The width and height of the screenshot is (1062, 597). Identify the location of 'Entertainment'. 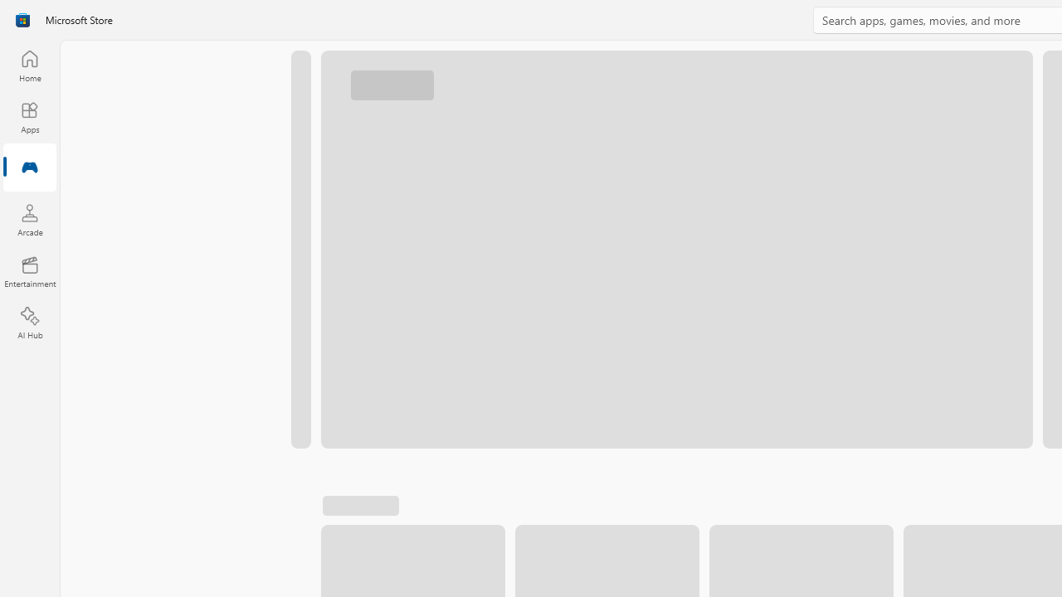
(29, 270).